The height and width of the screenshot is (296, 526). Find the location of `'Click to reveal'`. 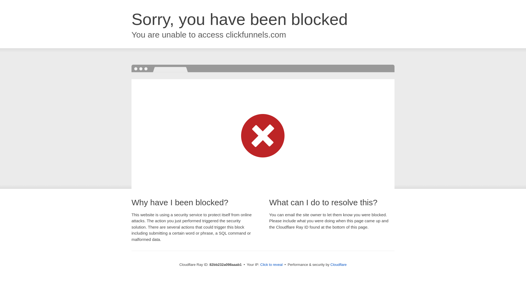

'Click to reveal' is located at coordinates (271, 264).